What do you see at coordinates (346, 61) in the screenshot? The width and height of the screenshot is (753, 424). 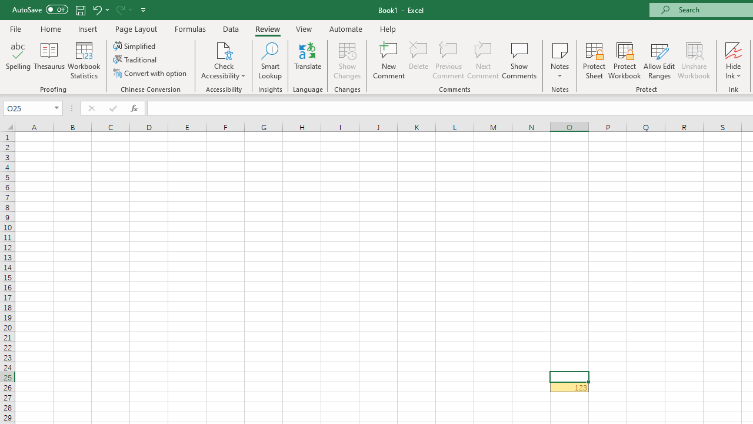 I see `'Show Changes'` at bounding box center [346, 61].